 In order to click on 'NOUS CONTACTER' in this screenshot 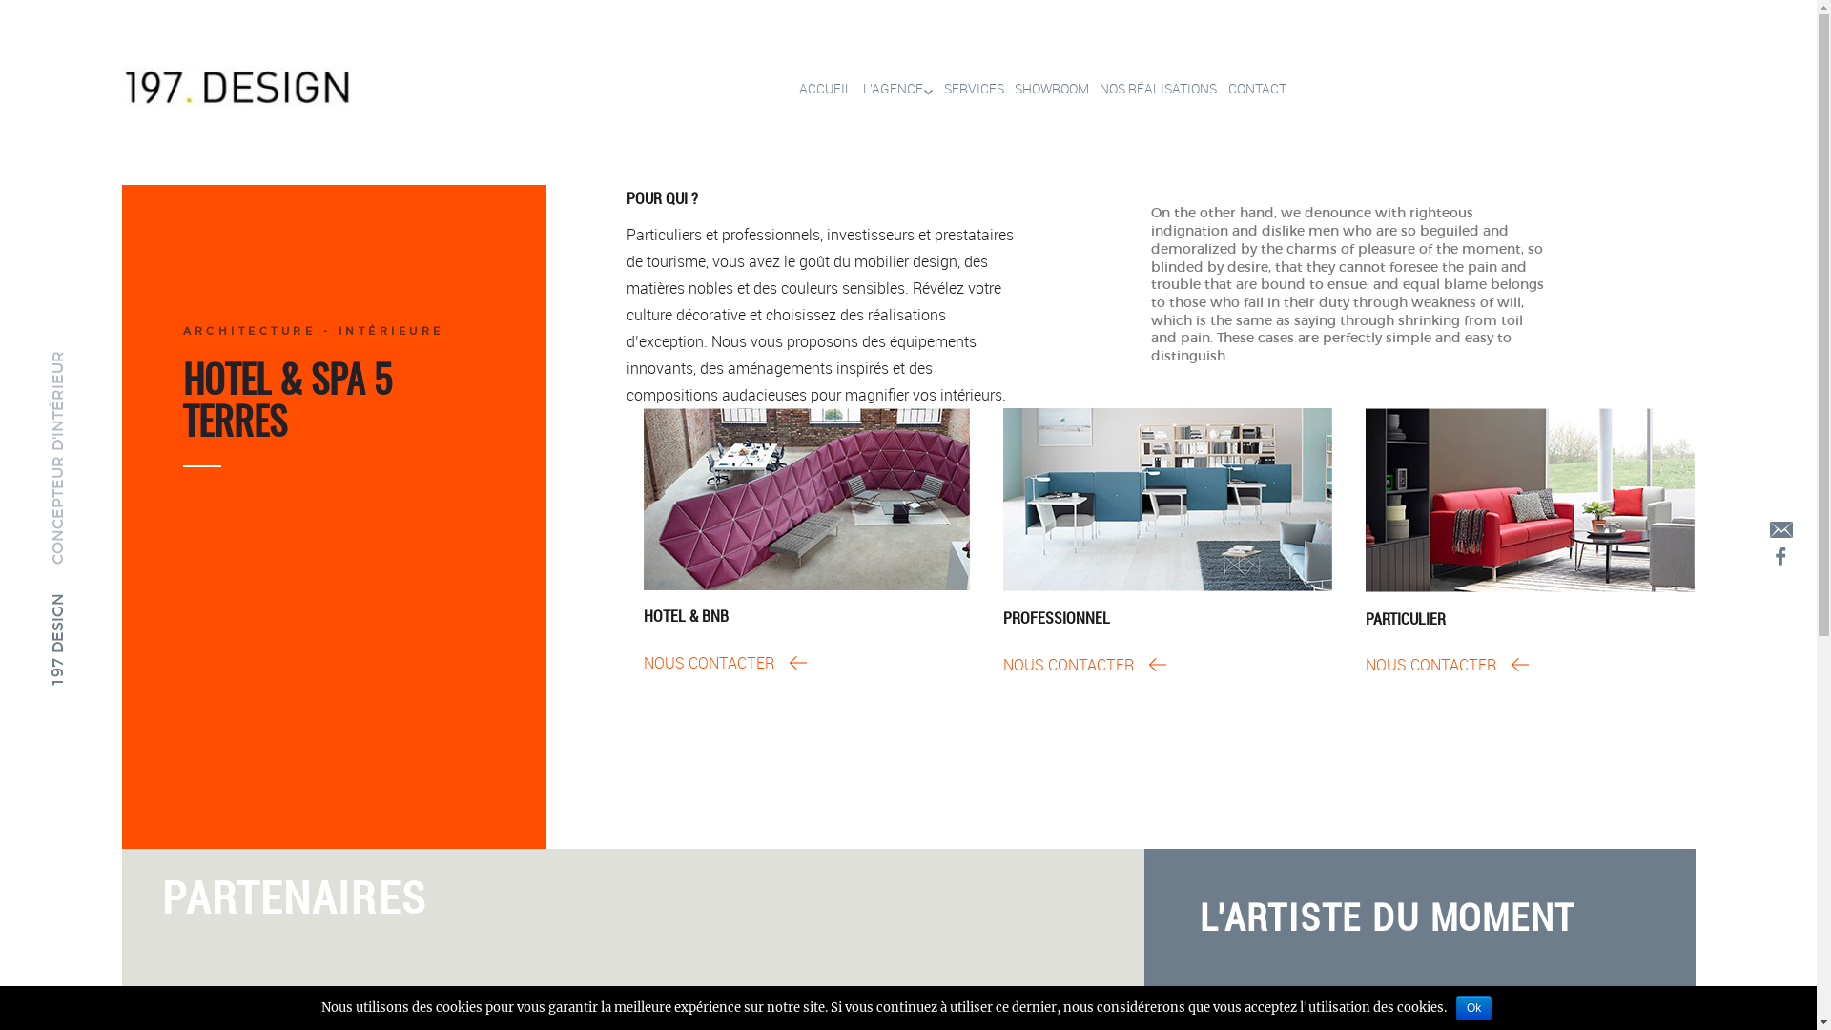, I will do `click(724, 661)`.